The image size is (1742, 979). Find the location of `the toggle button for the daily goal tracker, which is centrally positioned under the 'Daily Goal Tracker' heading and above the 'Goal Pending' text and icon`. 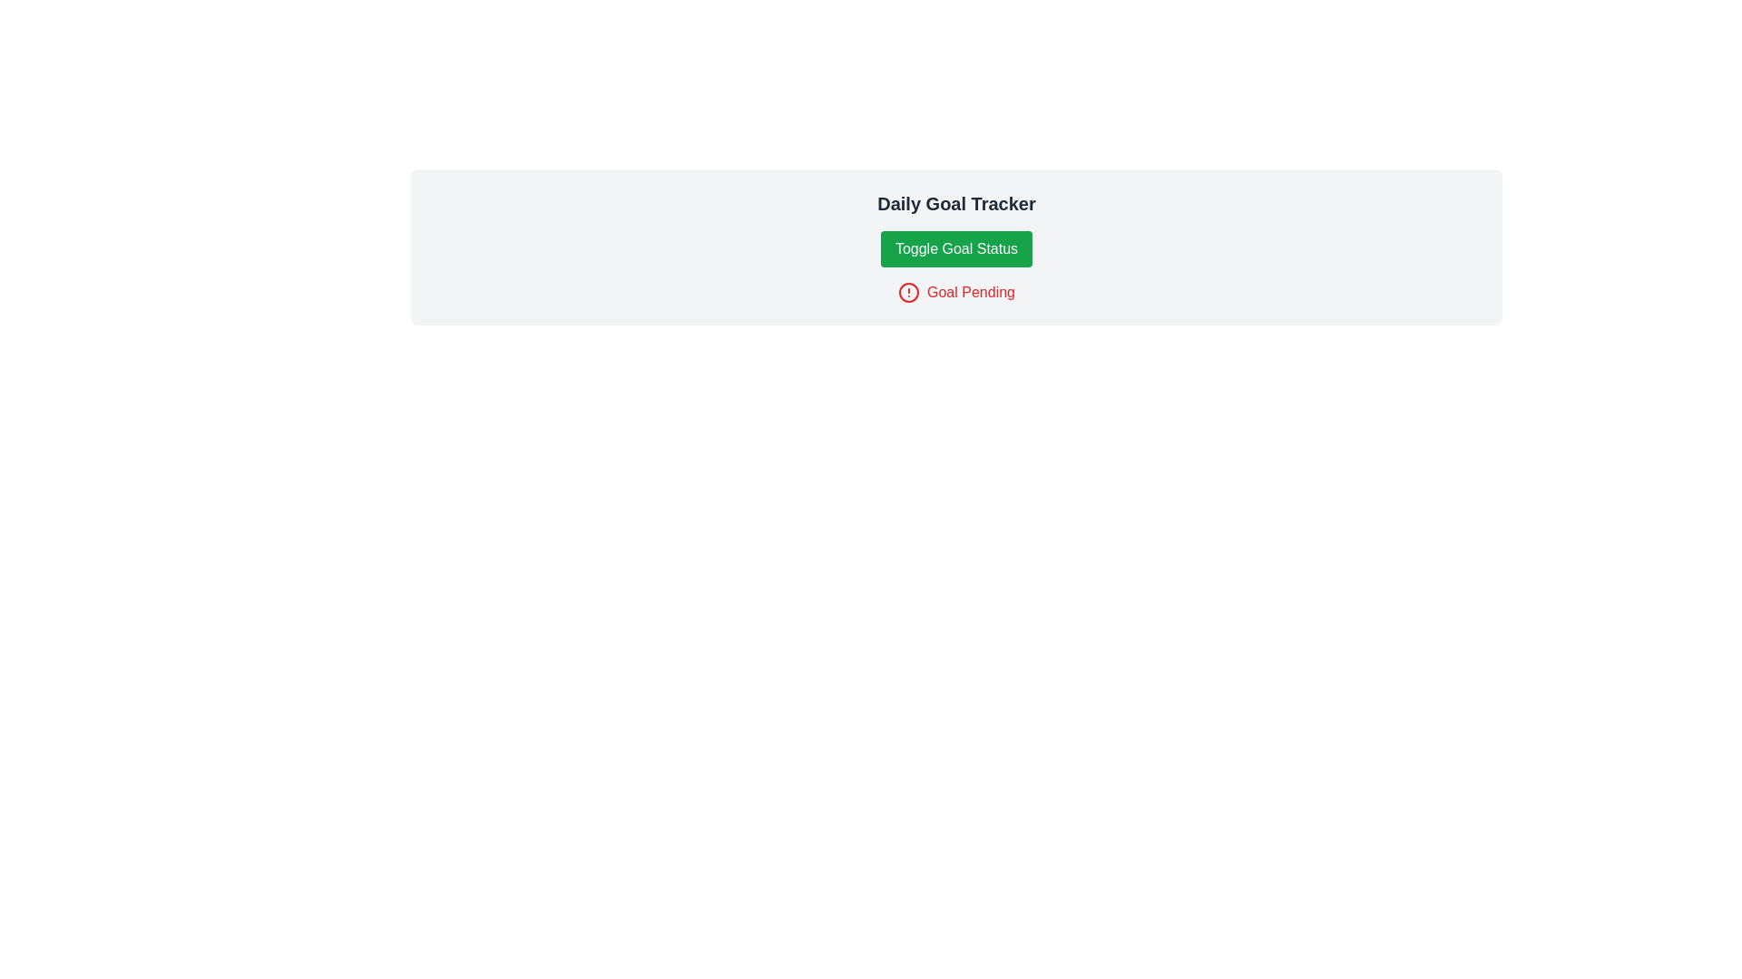

the toggle button for the daily goal tracker, which is centrally positioned under the 'Daily Goal Tracker' heading and above the 'Goal Pending' text and icon is located at coordinates (955, 248).